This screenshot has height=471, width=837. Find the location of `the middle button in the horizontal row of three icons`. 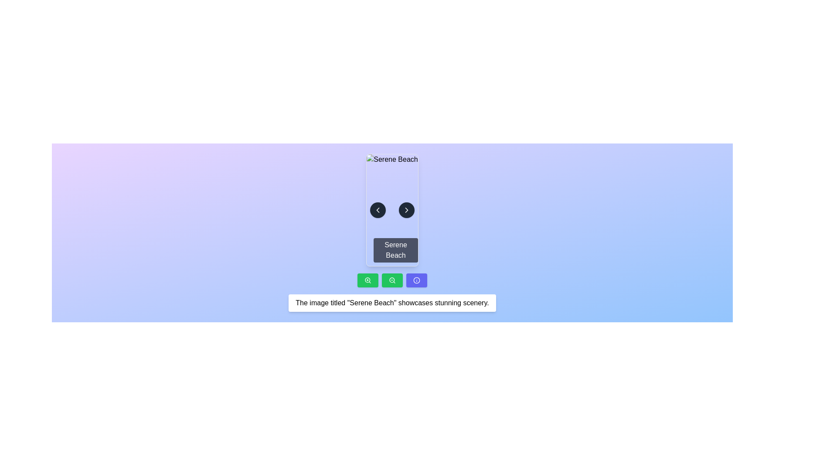

the middle button in the horizontal row of three icons is located at coordinates (392, 280).